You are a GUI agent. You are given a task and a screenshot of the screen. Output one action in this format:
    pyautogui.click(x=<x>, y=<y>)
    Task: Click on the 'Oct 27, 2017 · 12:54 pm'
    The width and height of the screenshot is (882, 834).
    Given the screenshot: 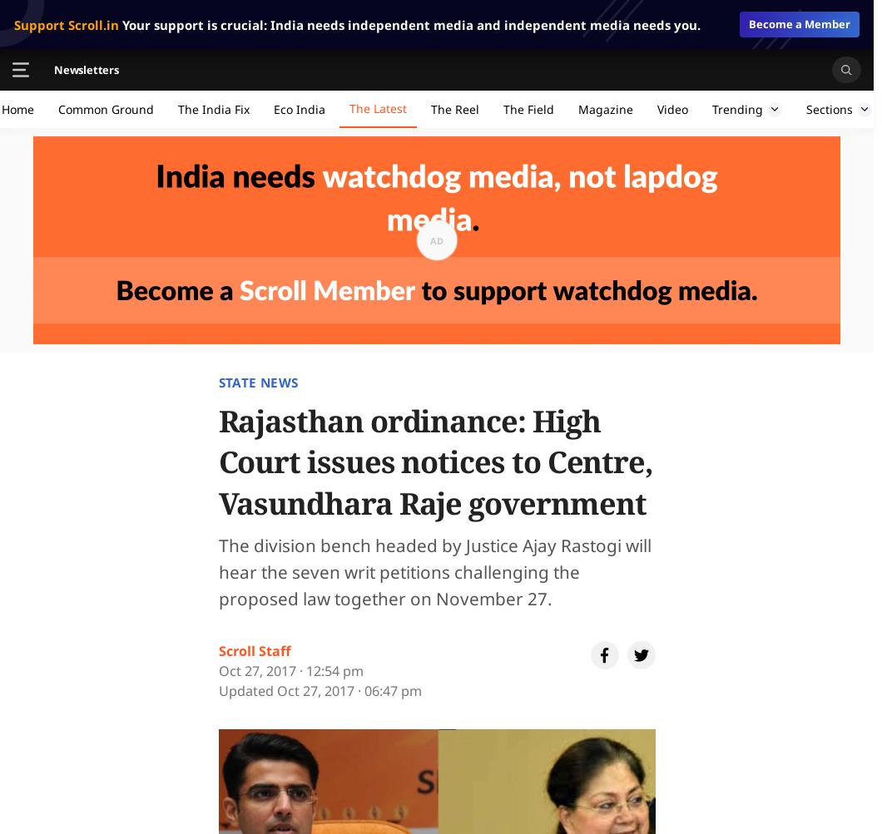 What is the action you would take?
    pyautogui.click(x=290, y=671)
    